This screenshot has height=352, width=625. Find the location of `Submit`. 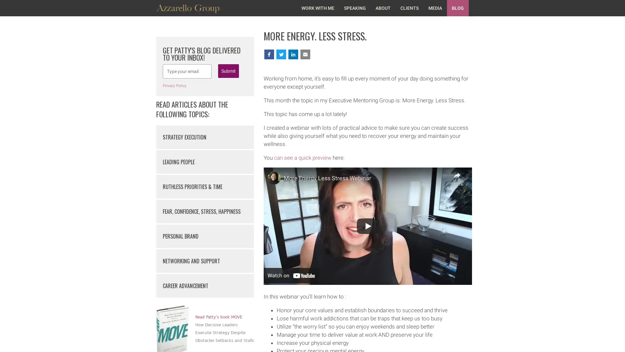

Submit is located at coordinates (228, 71).